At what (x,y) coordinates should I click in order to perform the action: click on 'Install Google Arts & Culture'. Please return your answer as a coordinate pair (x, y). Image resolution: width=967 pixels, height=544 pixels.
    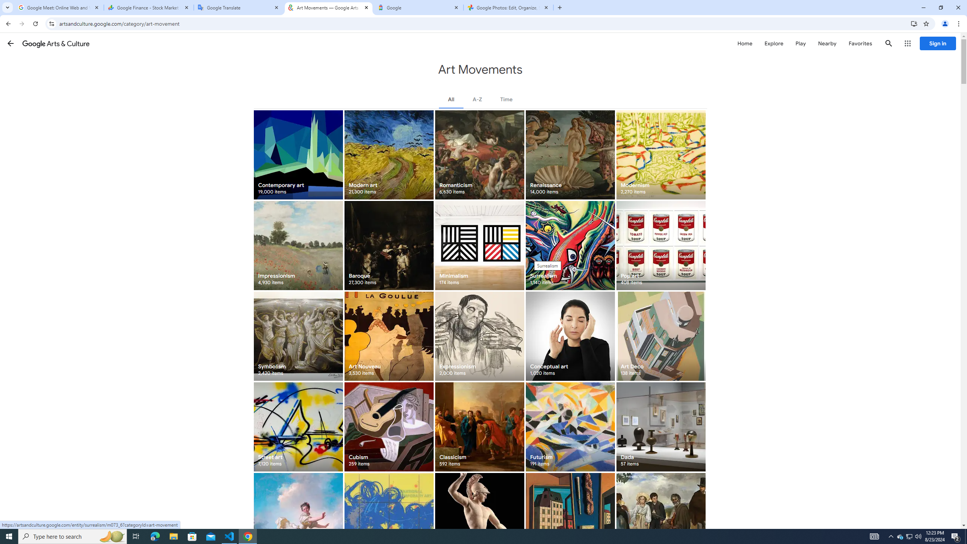
    Looking at the image, I should click on (914, 23).